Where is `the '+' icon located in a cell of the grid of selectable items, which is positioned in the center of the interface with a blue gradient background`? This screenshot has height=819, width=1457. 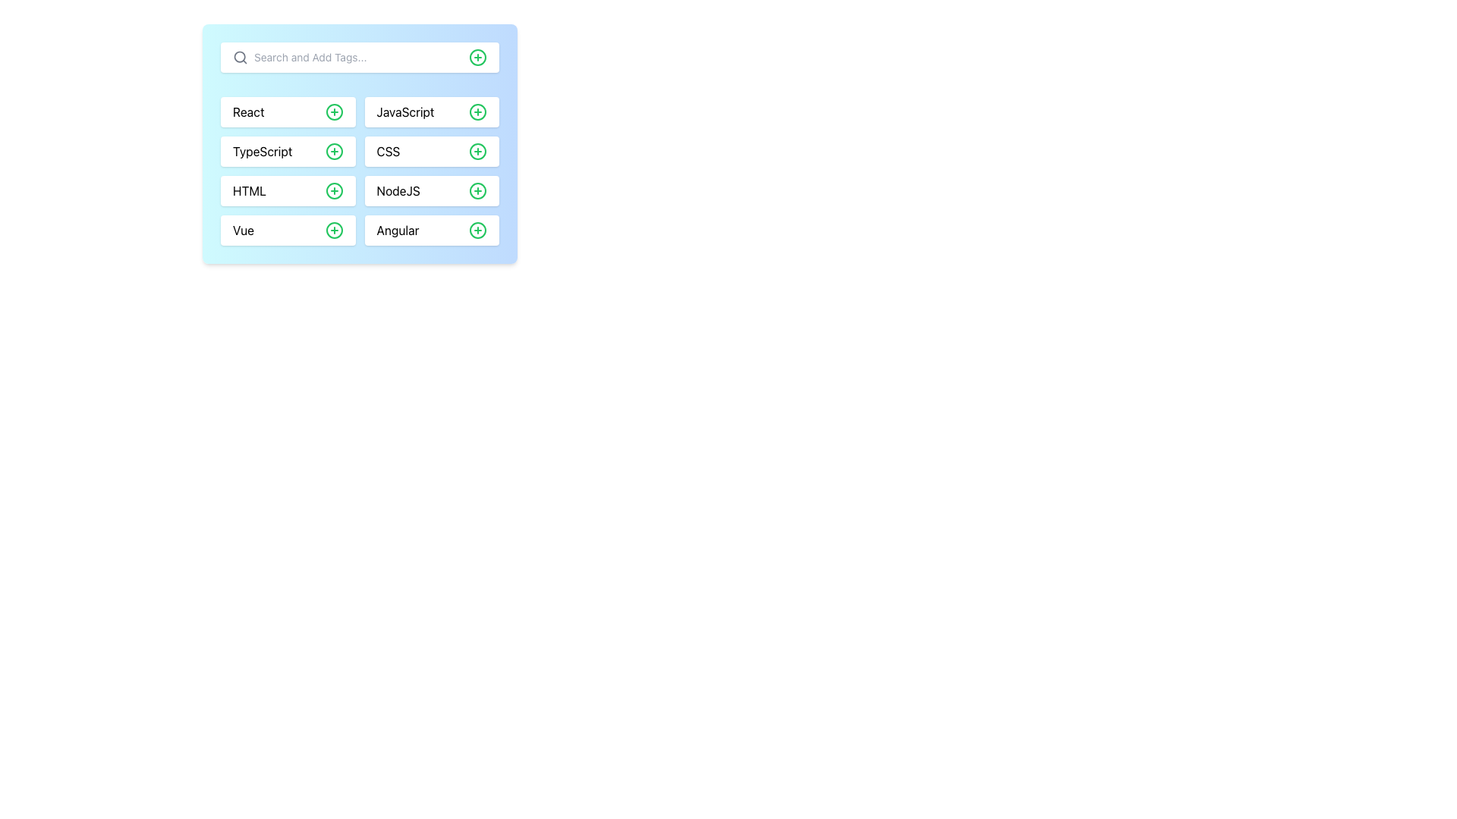
the '+' icon located in a cell of the grid of selectable items, which is positioned in the center of the interface with a blue gradient background is located at coordinates (359, 171).